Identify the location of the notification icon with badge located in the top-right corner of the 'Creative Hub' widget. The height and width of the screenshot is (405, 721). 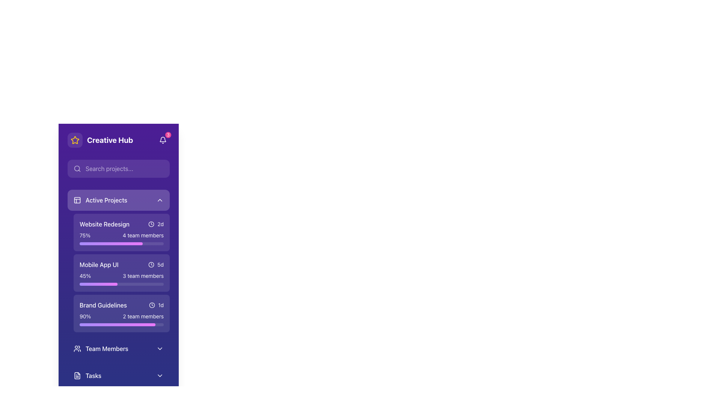
(162, 140).